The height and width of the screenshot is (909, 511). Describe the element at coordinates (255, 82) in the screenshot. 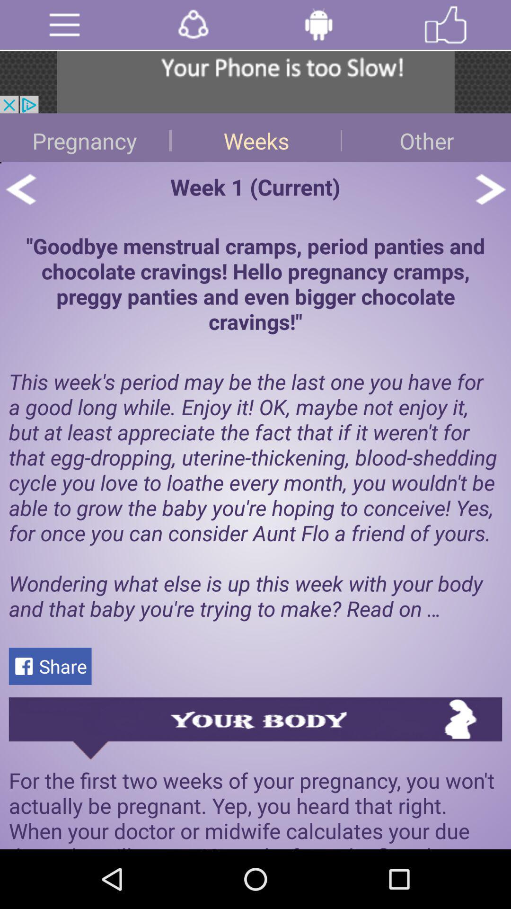

I see `advertisement link` at that location.